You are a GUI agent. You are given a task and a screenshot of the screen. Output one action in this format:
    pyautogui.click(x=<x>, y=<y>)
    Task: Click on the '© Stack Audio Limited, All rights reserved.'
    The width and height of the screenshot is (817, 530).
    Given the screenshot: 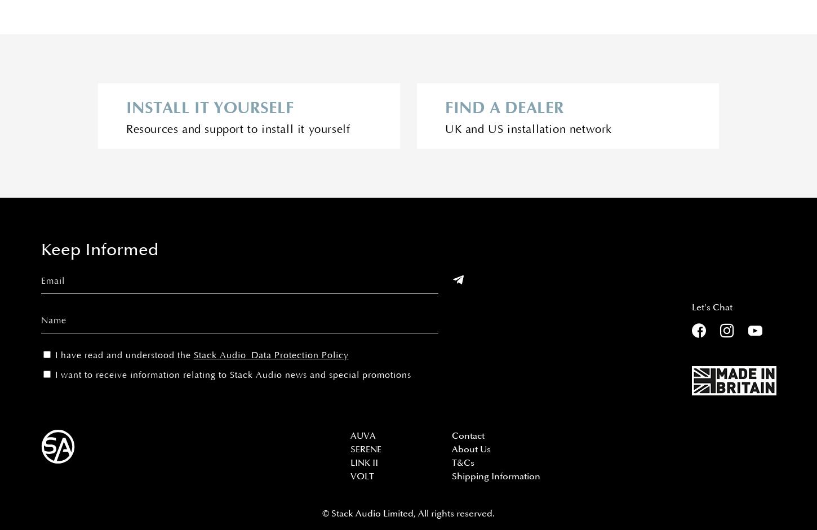 What is the action you would take?
    pyautogui.click(x=408, y=512)
    